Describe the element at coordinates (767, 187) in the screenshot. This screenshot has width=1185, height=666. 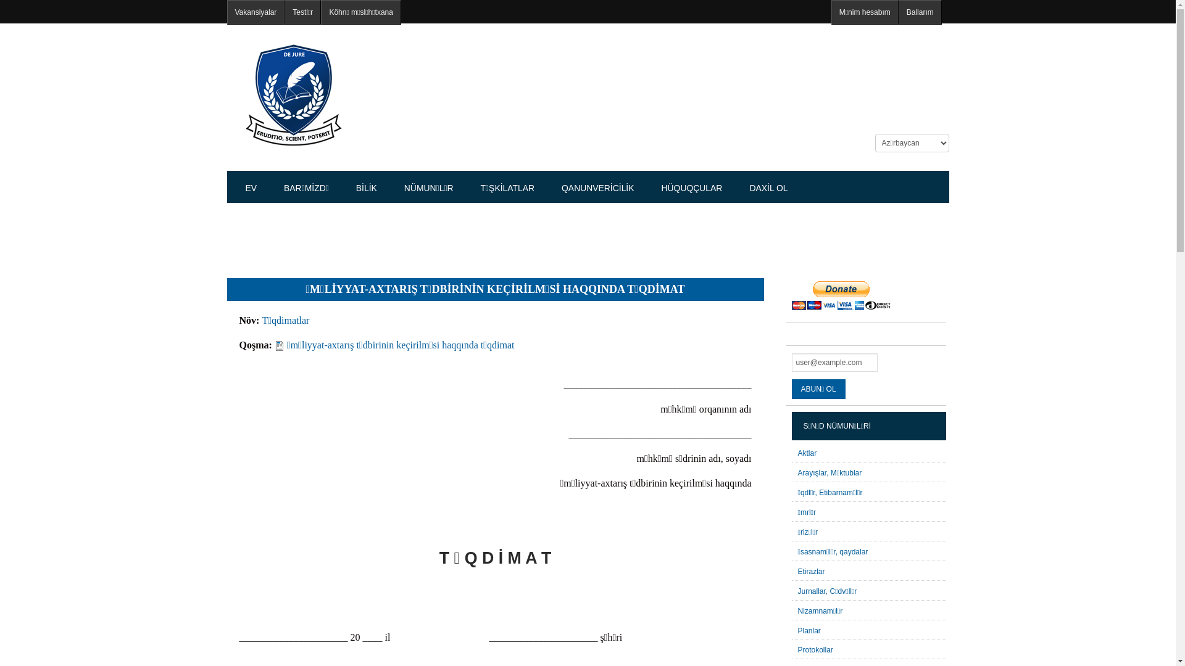
I see `'DAXIL OL'` at that location.